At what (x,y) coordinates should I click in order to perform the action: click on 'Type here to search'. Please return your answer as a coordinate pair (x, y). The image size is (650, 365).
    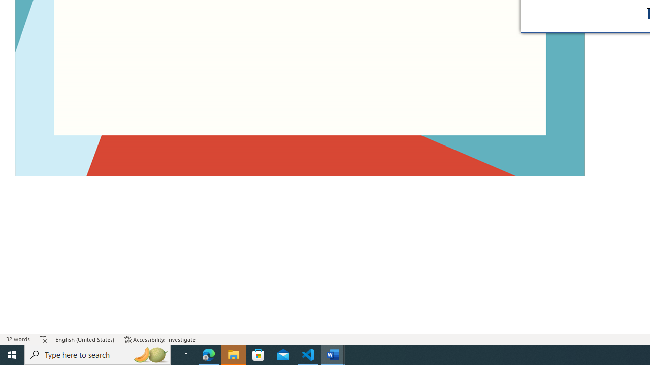
    Looking at the image, I should click on (97, 354).